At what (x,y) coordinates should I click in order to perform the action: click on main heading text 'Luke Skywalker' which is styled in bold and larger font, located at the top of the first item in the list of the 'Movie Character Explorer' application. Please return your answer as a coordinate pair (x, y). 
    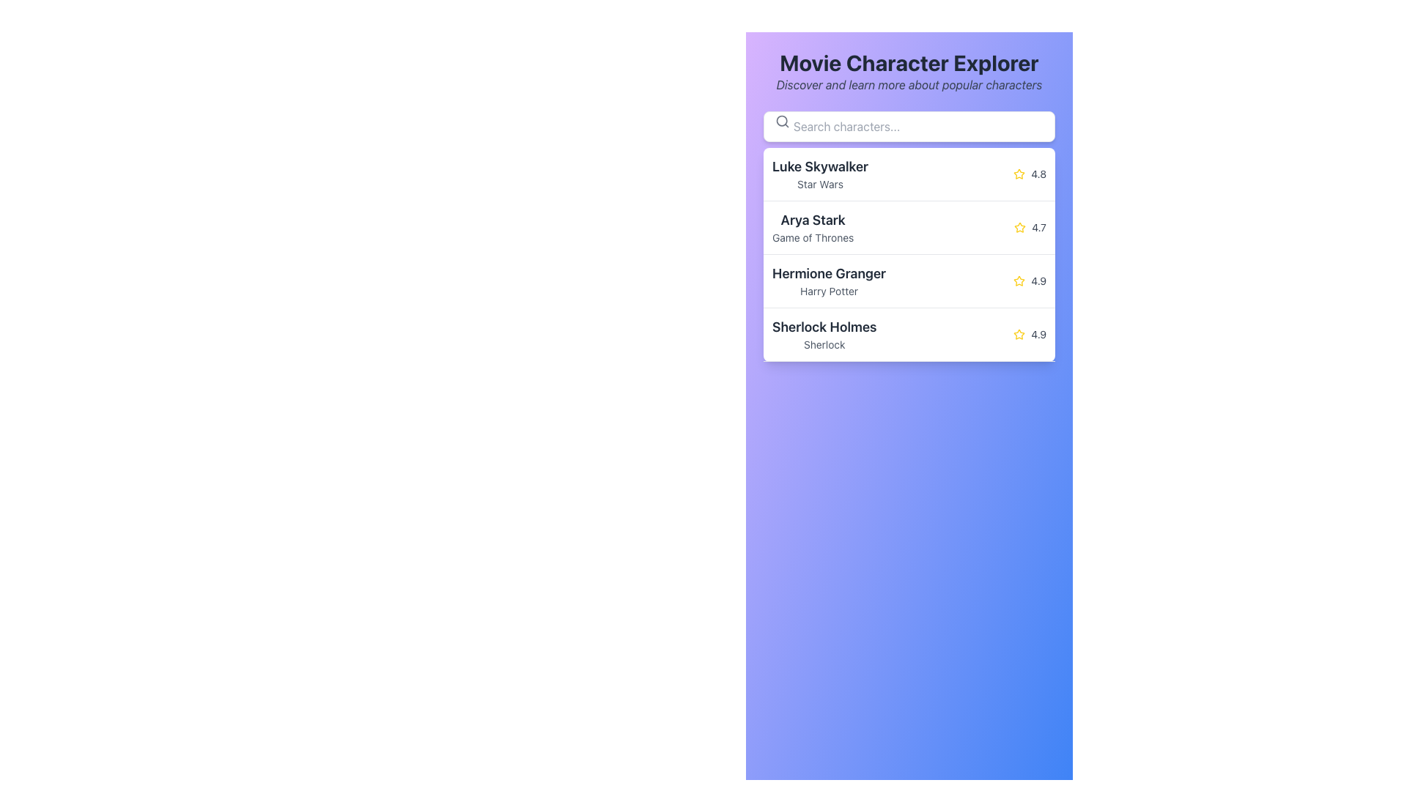
    Looking at the image, I should click on (819, 166).